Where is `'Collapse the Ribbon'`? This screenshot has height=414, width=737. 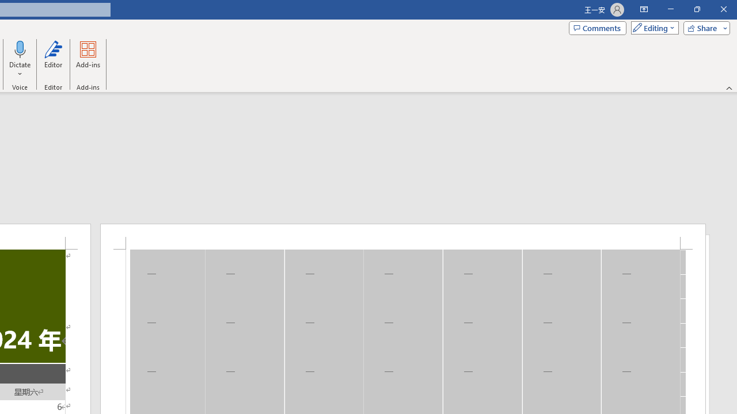 'Collapse the Ribbon' is located at coordinates (729, 87).